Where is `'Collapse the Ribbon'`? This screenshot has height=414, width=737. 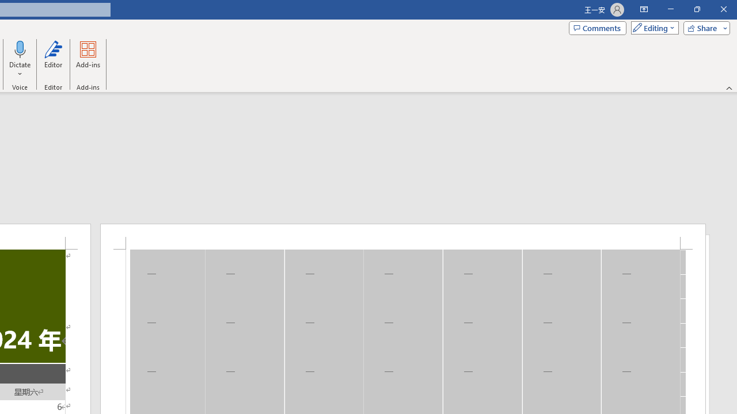 'Collapse the Ribbon' is located at coordinates (729, 87).